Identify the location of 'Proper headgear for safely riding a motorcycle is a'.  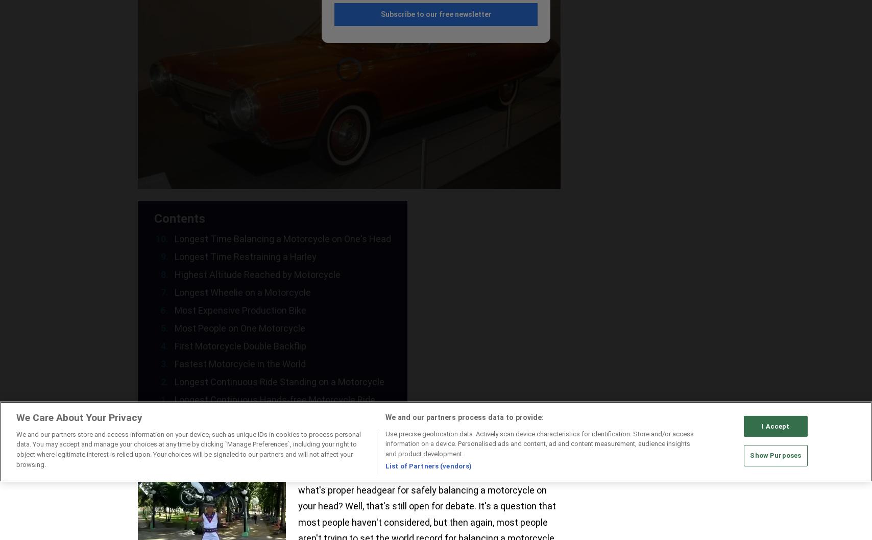
(298, 474).